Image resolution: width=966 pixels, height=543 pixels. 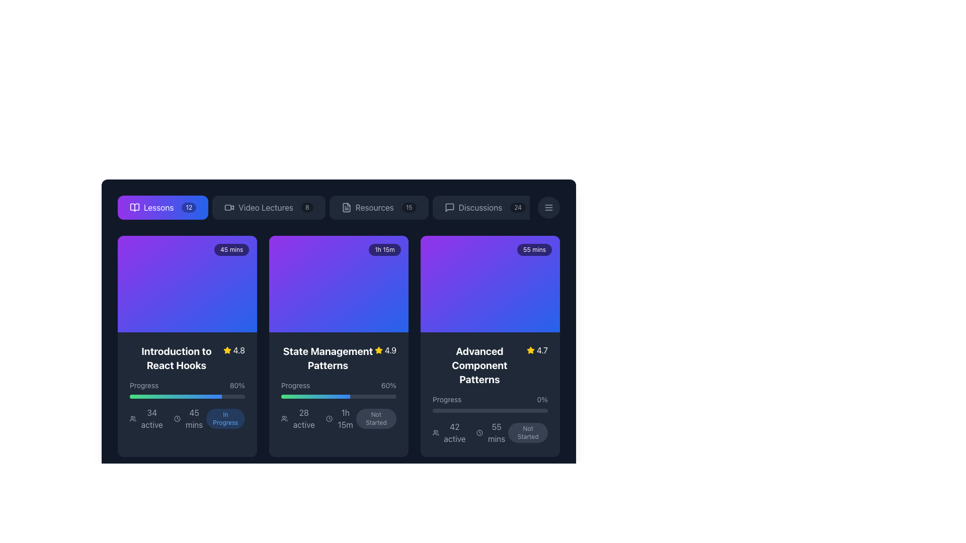 What do you see at coordinates (318, 419) in the screenshot?
I see `informational text displaying '28 active' and '1h 15m' located in the lower central section of the card under the 'State Management Patterns' section` at bounding box center [318, 419].